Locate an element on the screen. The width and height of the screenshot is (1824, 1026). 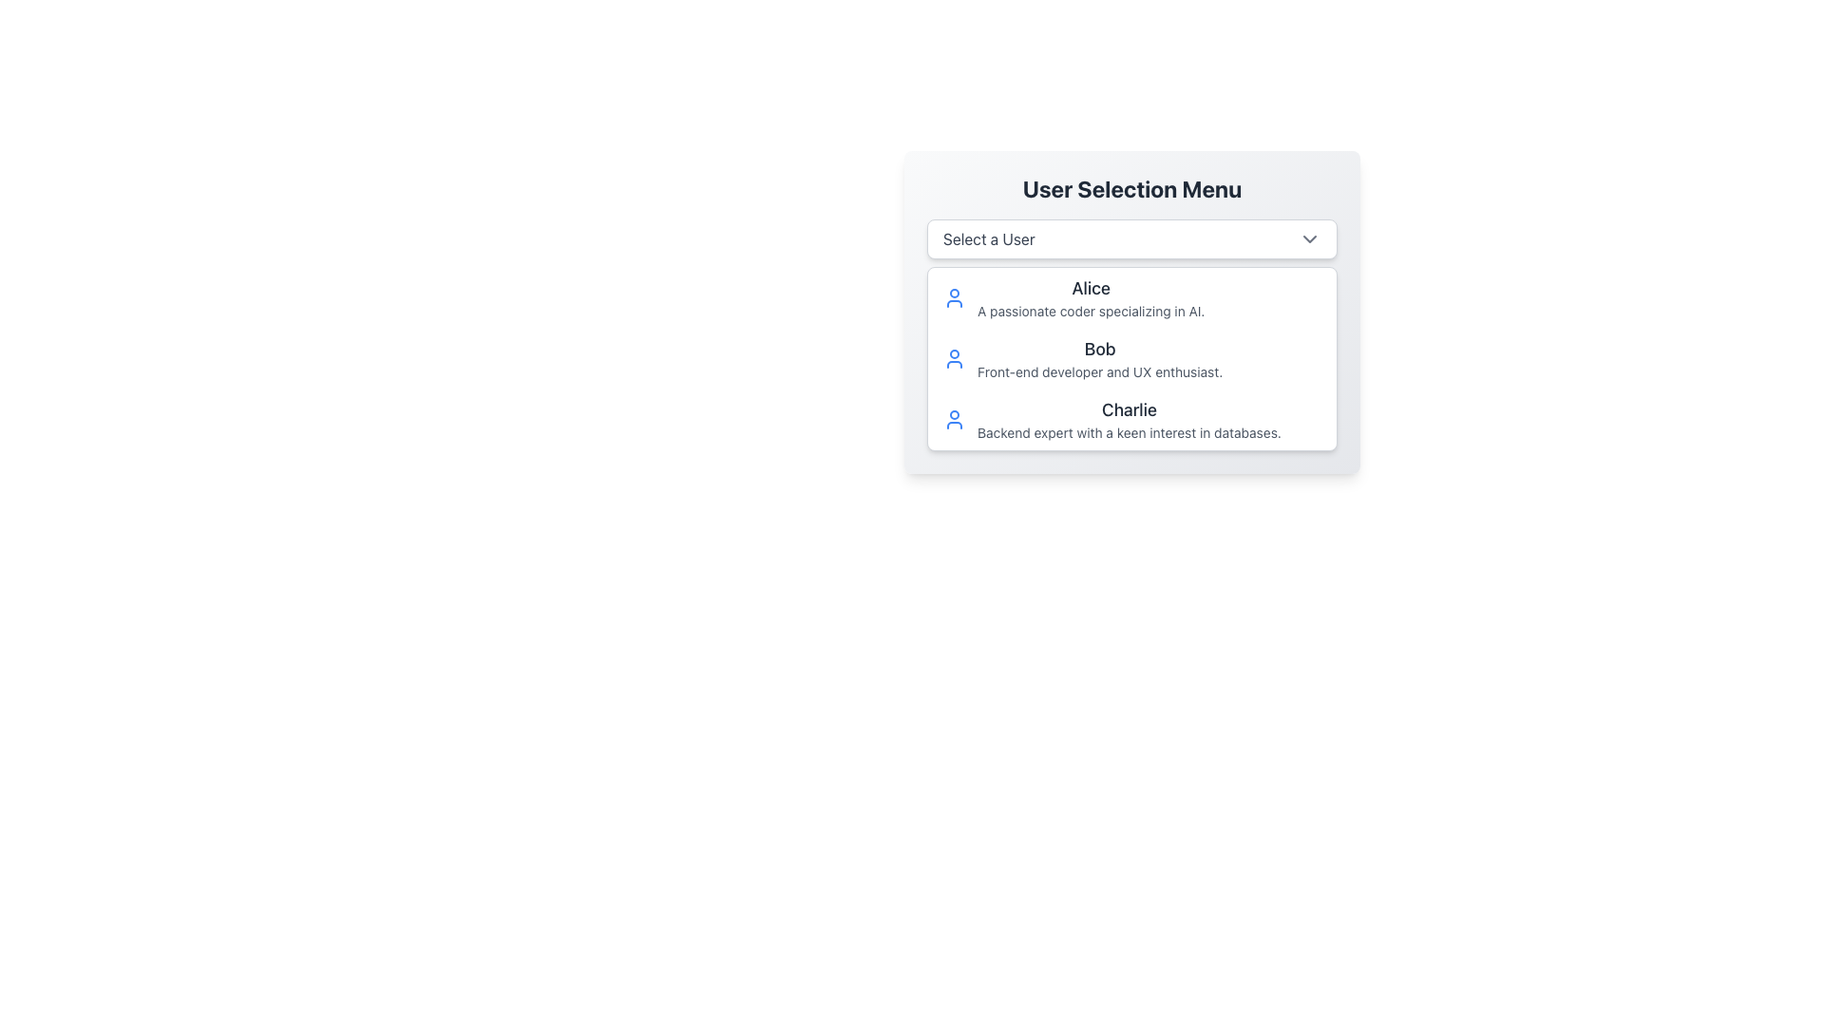
the topmost Interactive List Item labeled 'Alice' in the user selection menu is located at coordinates (1131, 297).